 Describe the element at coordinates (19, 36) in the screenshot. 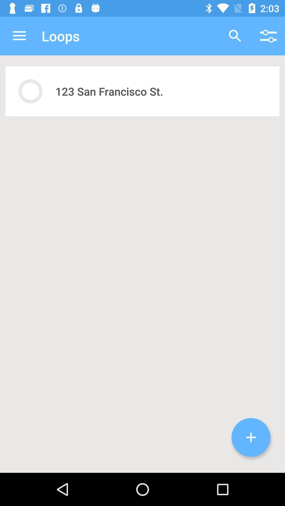

I see `the icon to the left of loops item` at that location.